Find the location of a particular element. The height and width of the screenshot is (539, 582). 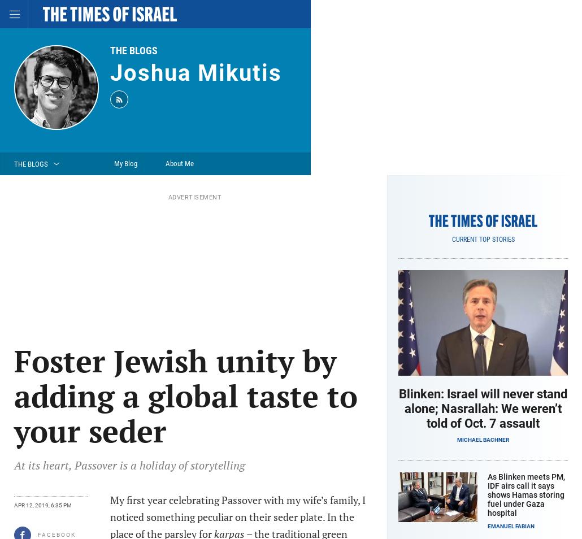

'Foster Jewish unity by adding a global taste to your seder' is located at coordinates (185, 395).